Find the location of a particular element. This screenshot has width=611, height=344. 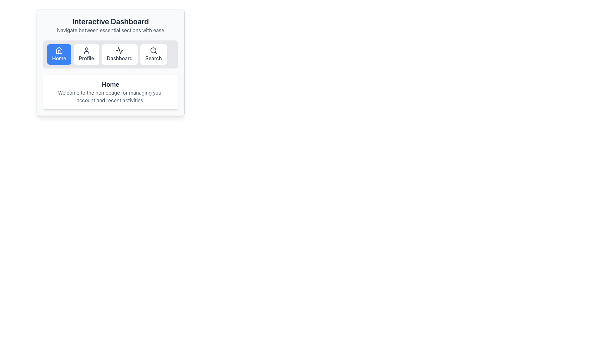

the 'Search' button located on the rightmost side of the horizontal group of icons and text in the 'Interactive Dashboard' section is located at coordinates (153, 54).